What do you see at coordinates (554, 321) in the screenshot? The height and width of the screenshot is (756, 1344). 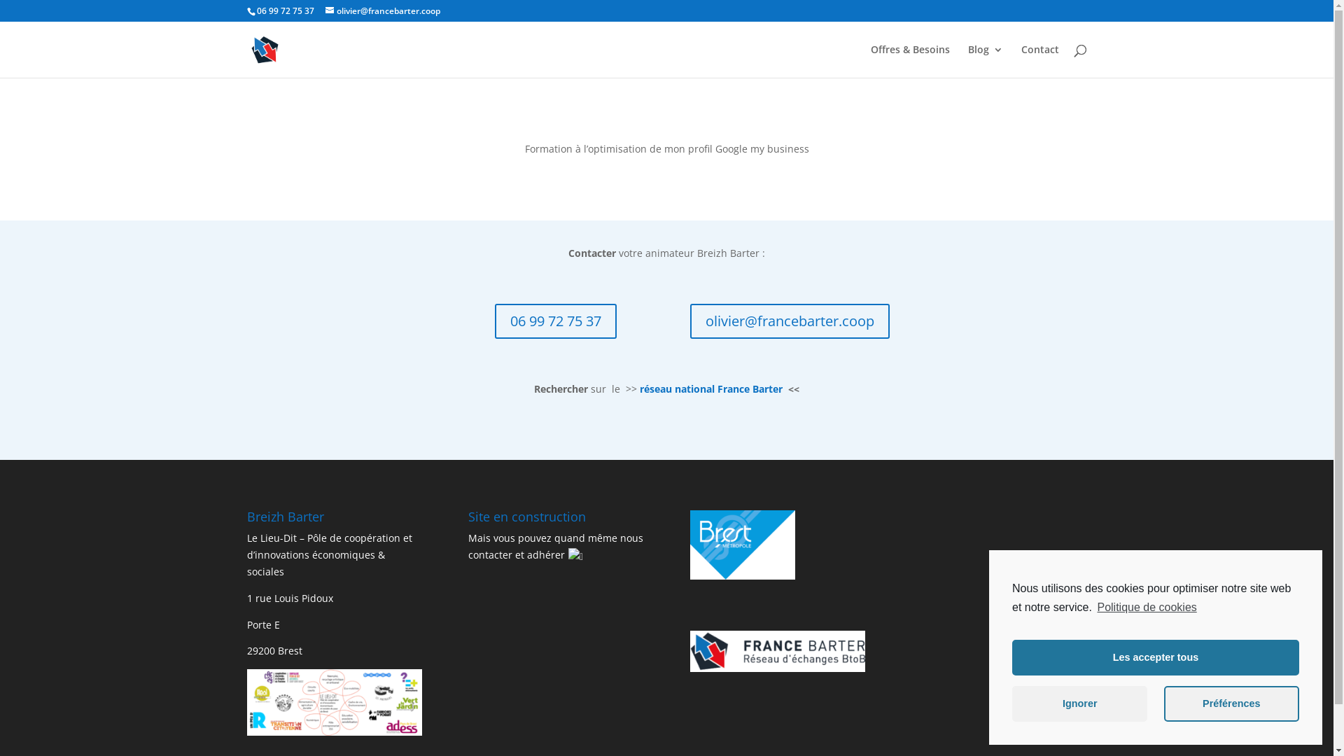 I see `'06 99 72 75 37'` at bounding box center [554, 321].